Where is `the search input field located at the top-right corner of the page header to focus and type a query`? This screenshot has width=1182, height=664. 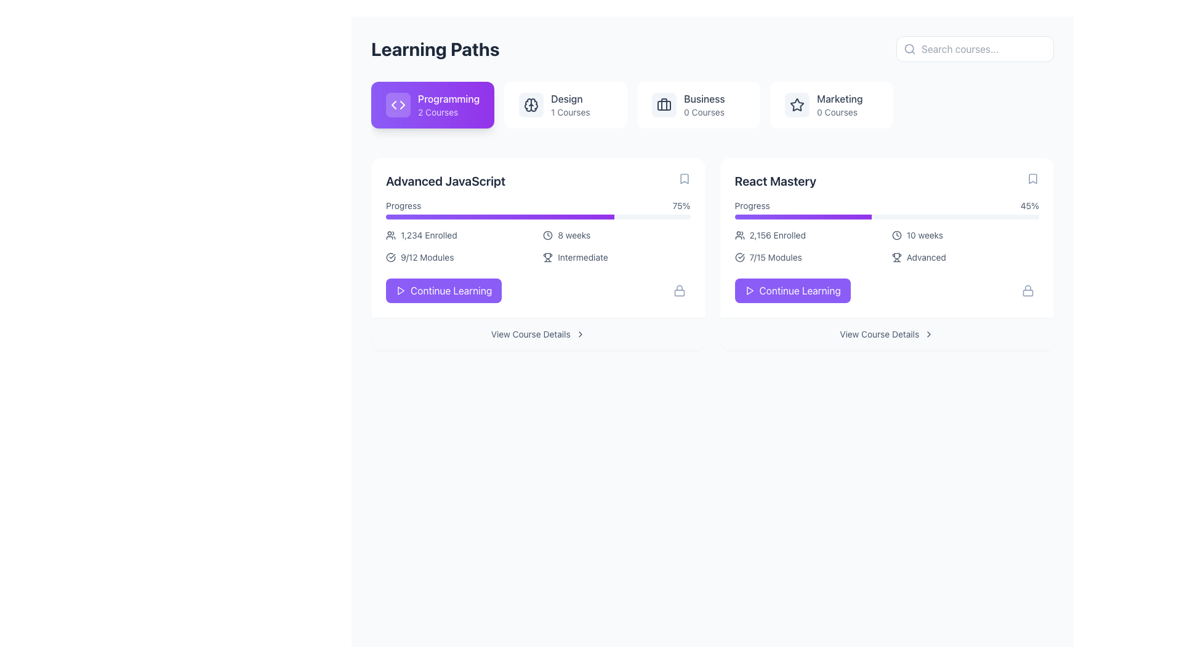 the search input field located at the top-right corner of the page header to focus and type a query is located at coordinates (975, 49).